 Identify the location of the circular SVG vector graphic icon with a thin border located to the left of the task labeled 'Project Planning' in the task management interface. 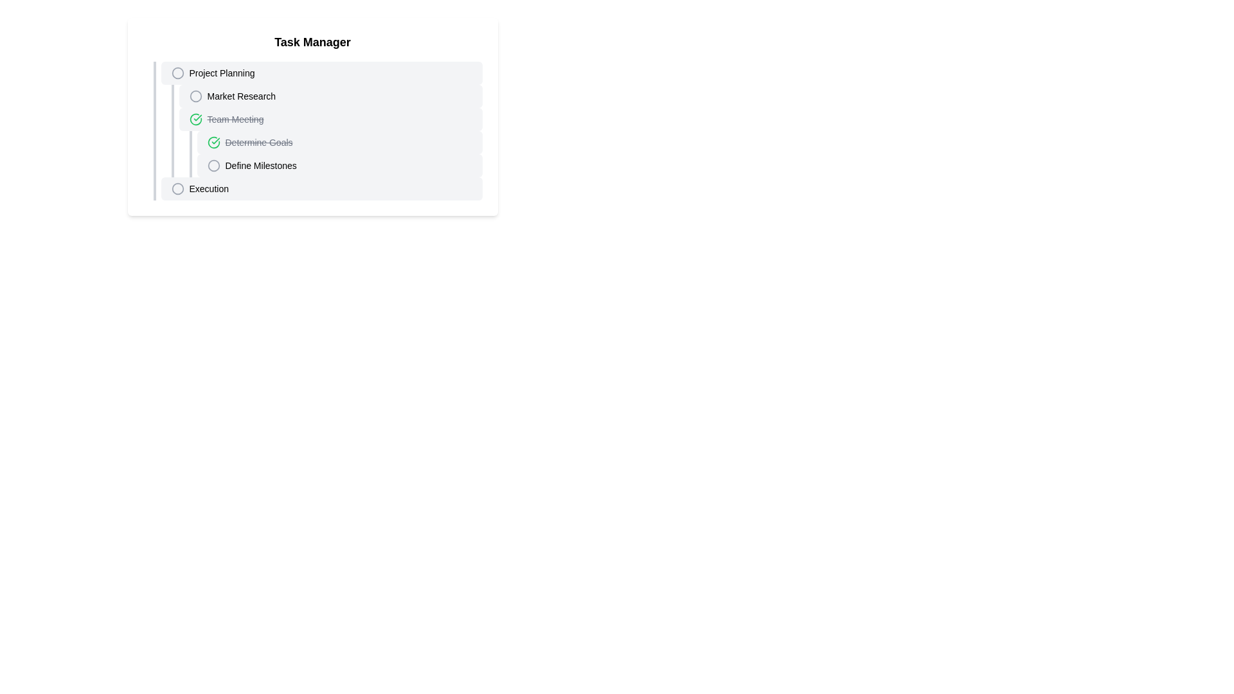
(177, 73).